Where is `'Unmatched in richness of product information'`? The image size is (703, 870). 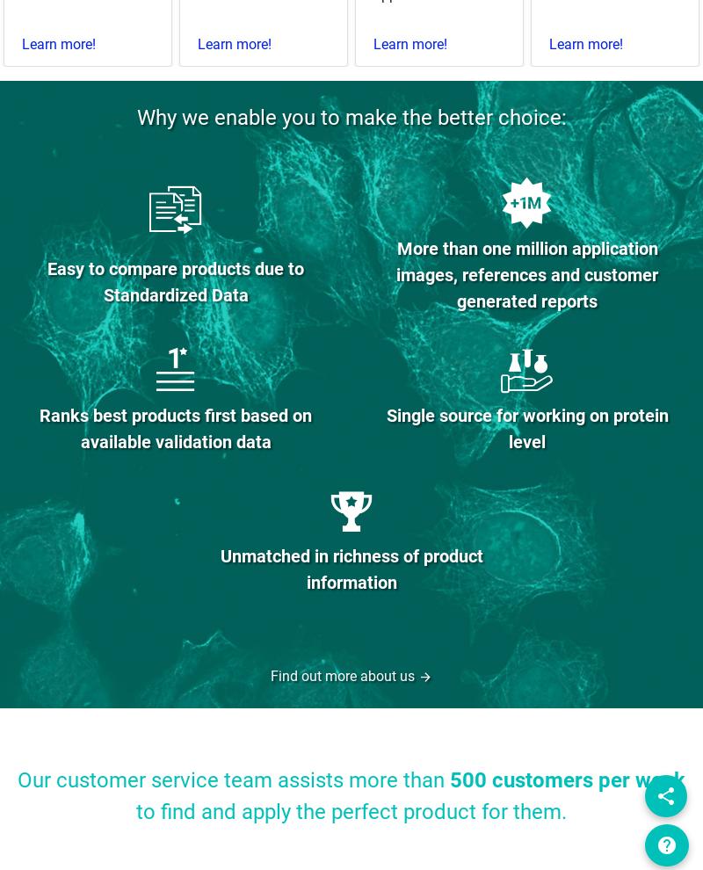
'Unmatched in richness of product information' is located at coordinates (350, 569).